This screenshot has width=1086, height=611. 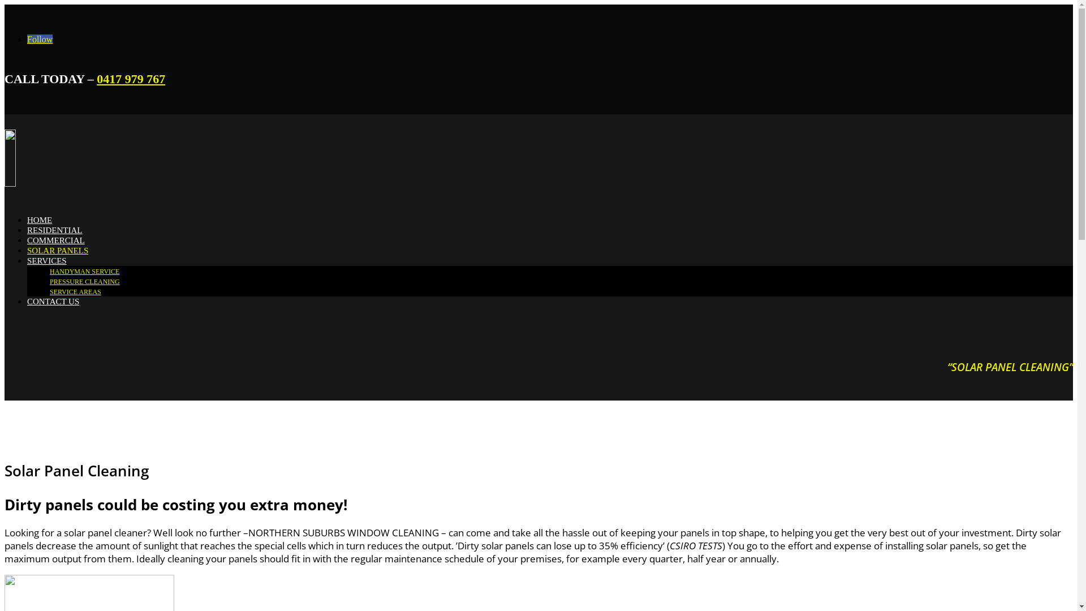 What do you see at coordinates (54, 230) in the screenshot?
I see `'RESIDENTIAL'` at bounding box center [54, 230].